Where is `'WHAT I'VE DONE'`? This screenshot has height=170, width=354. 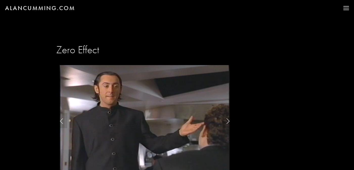
'WHAT I'VE DONE' is located at coordinates (316, 26).